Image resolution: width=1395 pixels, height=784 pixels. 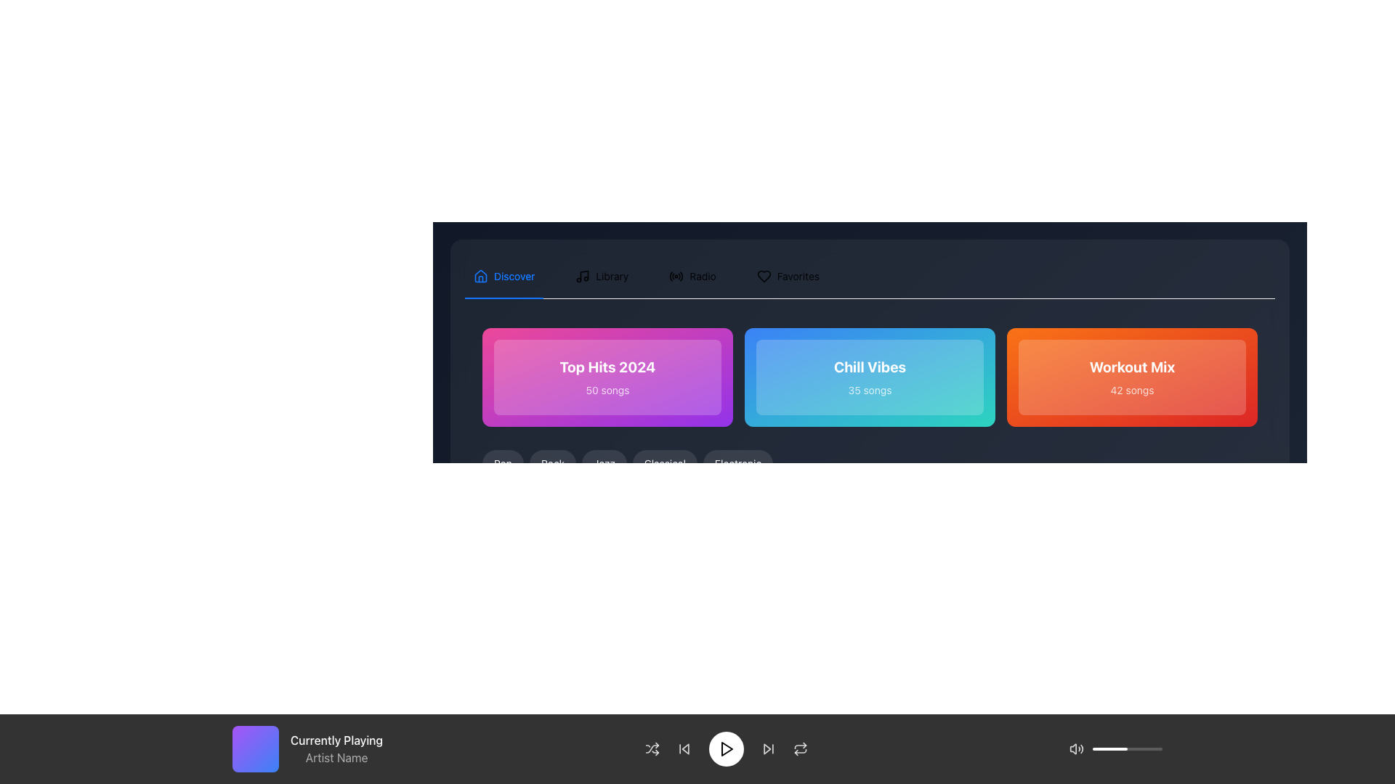 I want to click on the 'home' icon located in the top-left portion of the navigation menu bar, so click(x=481, y=277).